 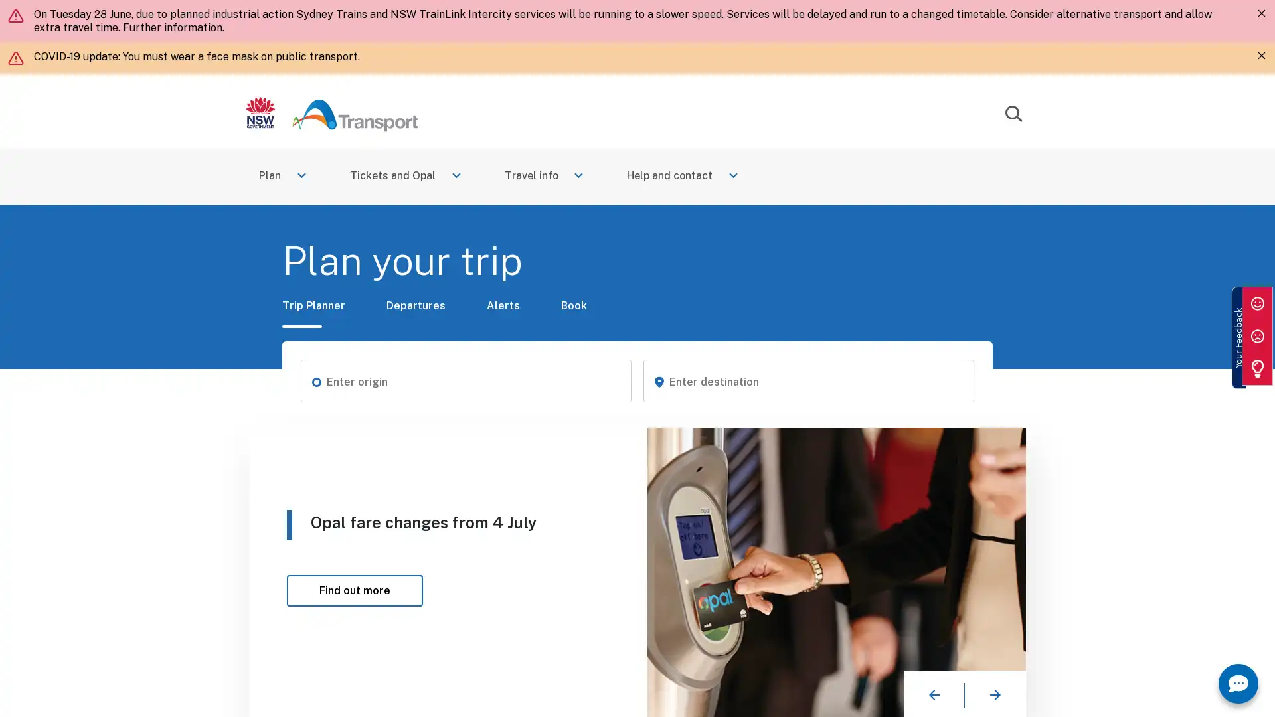 What do you see at coordinates (406, 176) in the screenshot?
I see `Tickets and Opal` at bounding box center [406, 176].